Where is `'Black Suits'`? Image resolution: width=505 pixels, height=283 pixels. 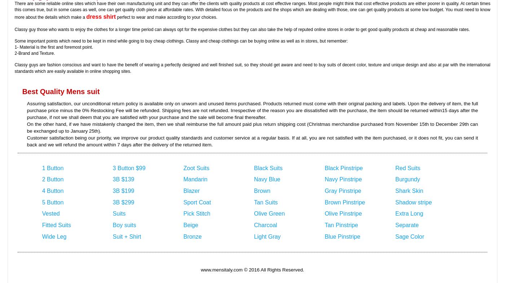 'Black Suits' is located at coordinates (254, 168).